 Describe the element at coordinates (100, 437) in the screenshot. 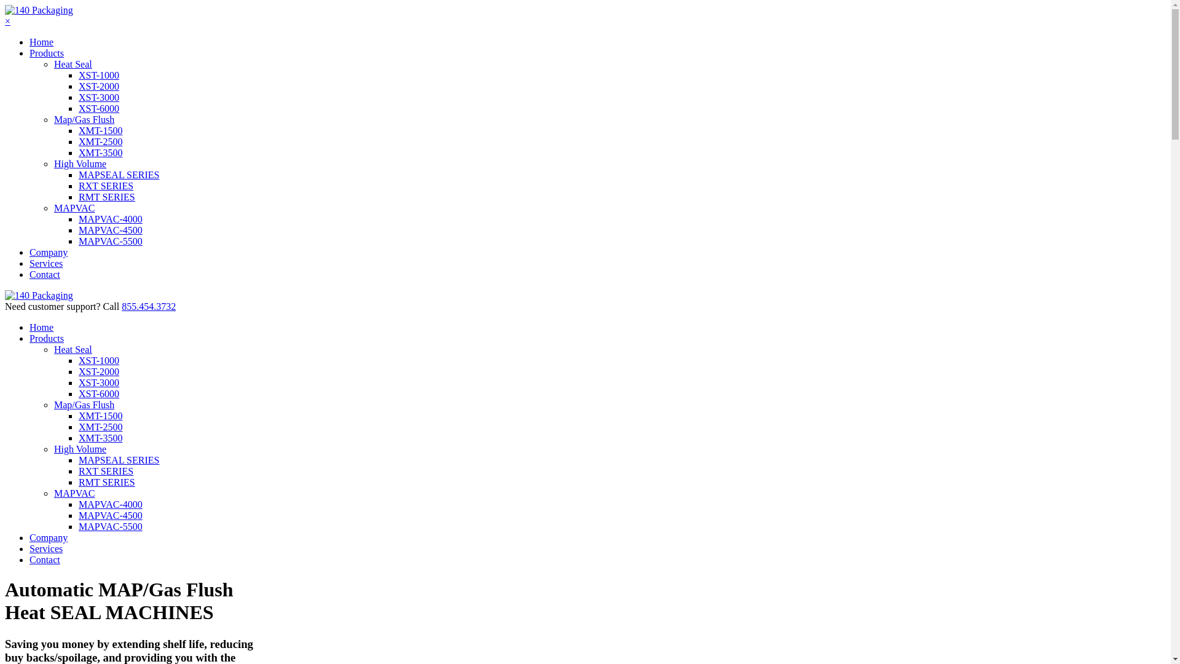

I see `'XMT-3500'` at that location.